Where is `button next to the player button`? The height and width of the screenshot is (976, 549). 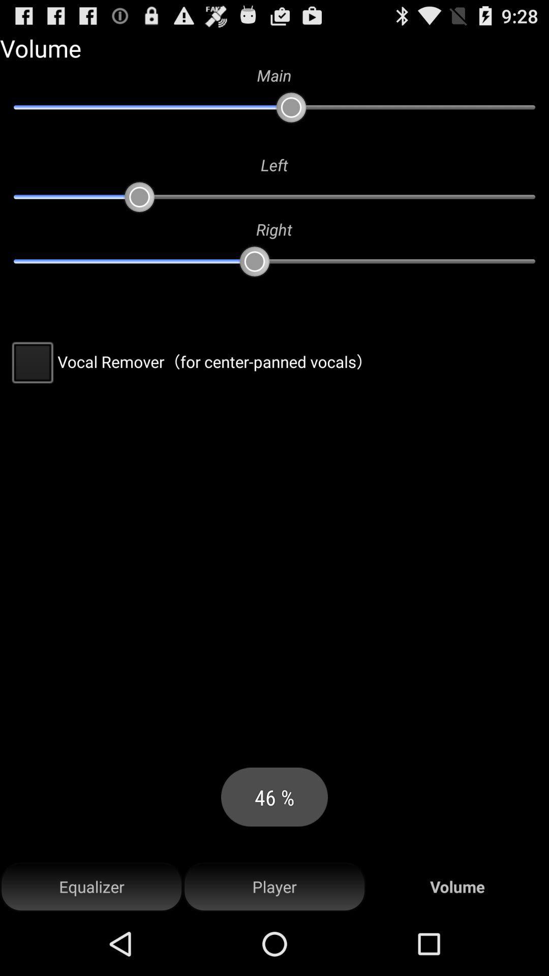
button next to the player button is located at coordinates (91, 887).